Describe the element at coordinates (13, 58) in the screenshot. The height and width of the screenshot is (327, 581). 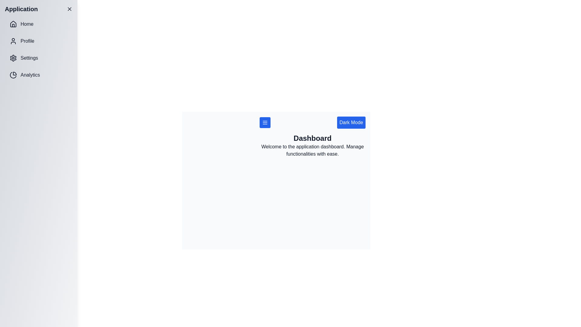
I see `the gear-shaped settings icon located in the sidebar menu under the 'Application' header, which is the third icon in the vertical list` at that location.